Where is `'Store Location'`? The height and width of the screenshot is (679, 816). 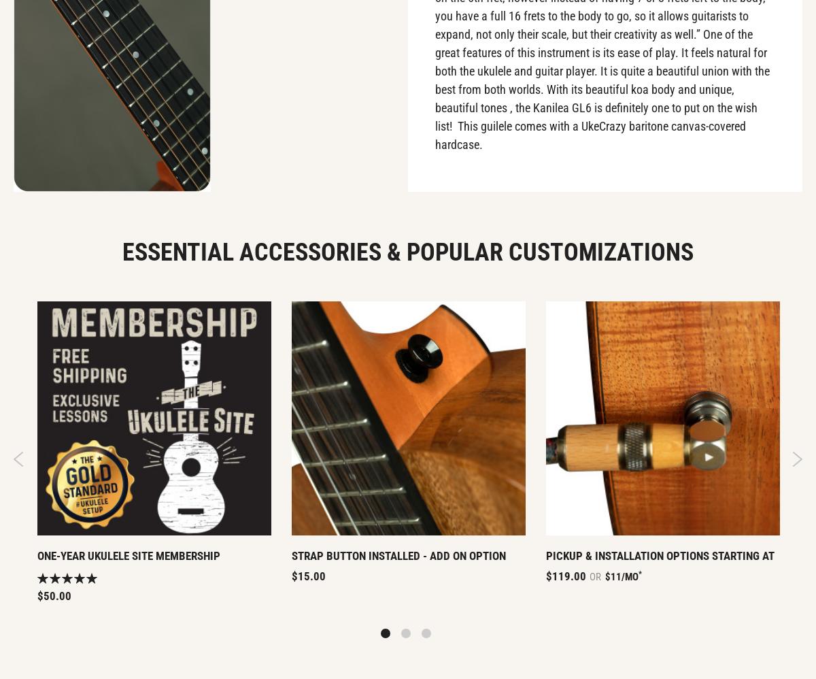
'Store Location' is located at coordinates (648, 159).